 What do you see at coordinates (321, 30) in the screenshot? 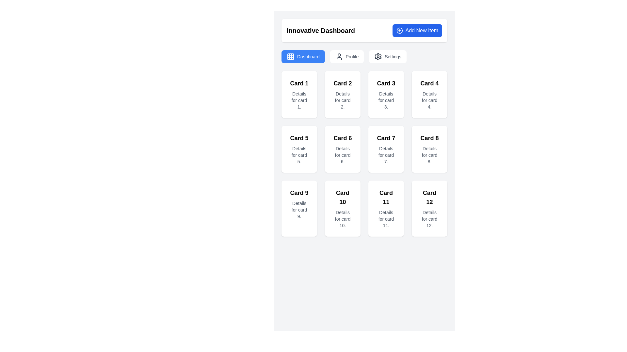
I see `the text heading 'Innovative Dashboard' styled with a large, bold font located at the top-left section of the interface` at bounding box center [321, 30].